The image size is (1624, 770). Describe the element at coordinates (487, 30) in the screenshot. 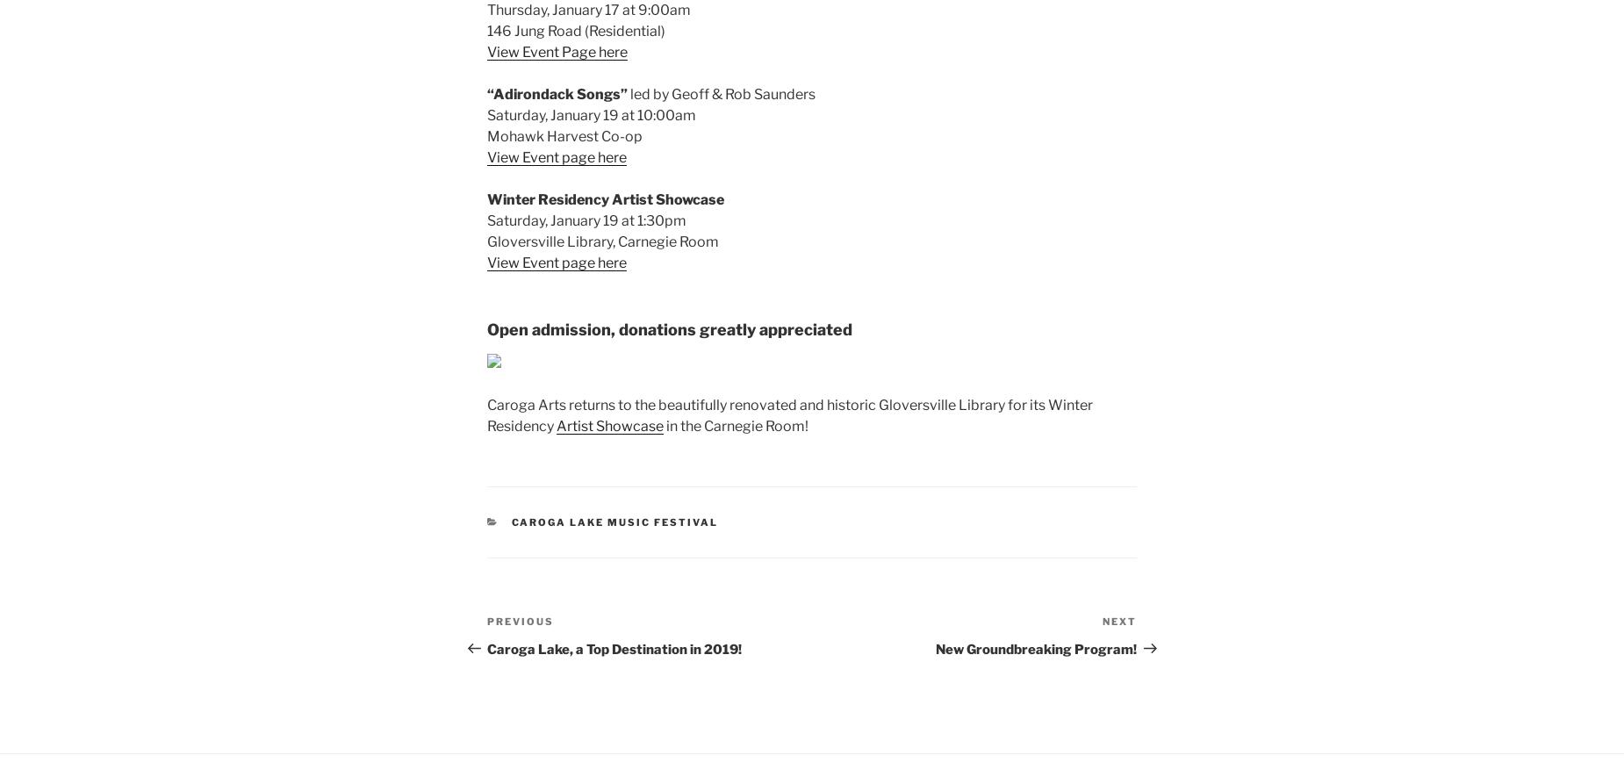

I see `'146 Jung Road (Residential)'` at that location.